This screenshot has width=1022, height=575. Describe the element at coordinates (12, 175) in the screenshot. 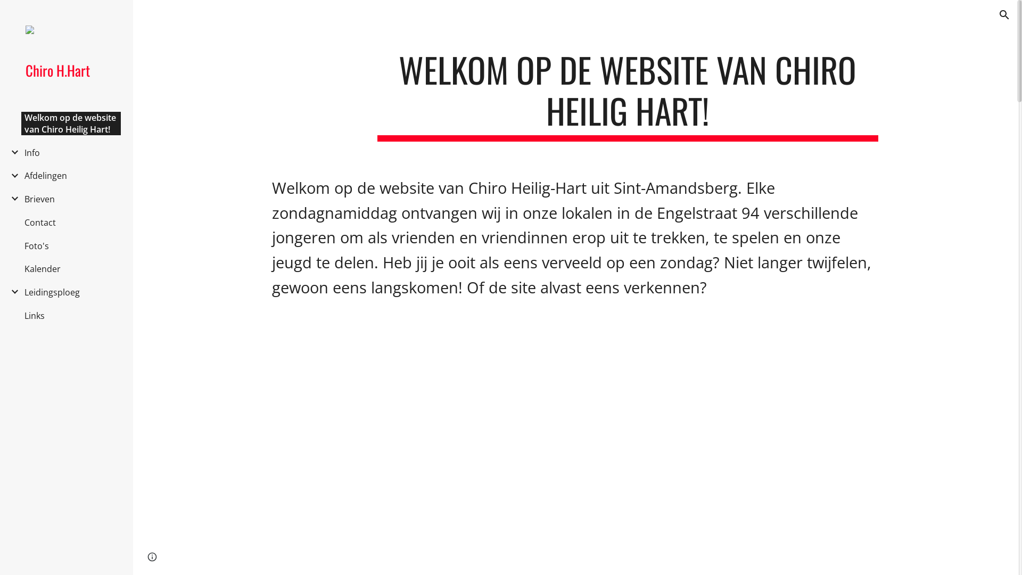

I see `'Expand/Collapse'` at that location.